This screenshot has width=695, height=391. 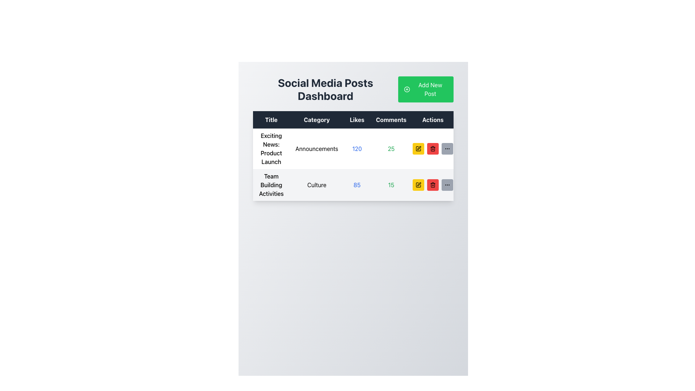 I want to click on the text label displaying 'Team Building Activities' located in the second row of the table under the 'Title' column, so click(x=271, y=184).